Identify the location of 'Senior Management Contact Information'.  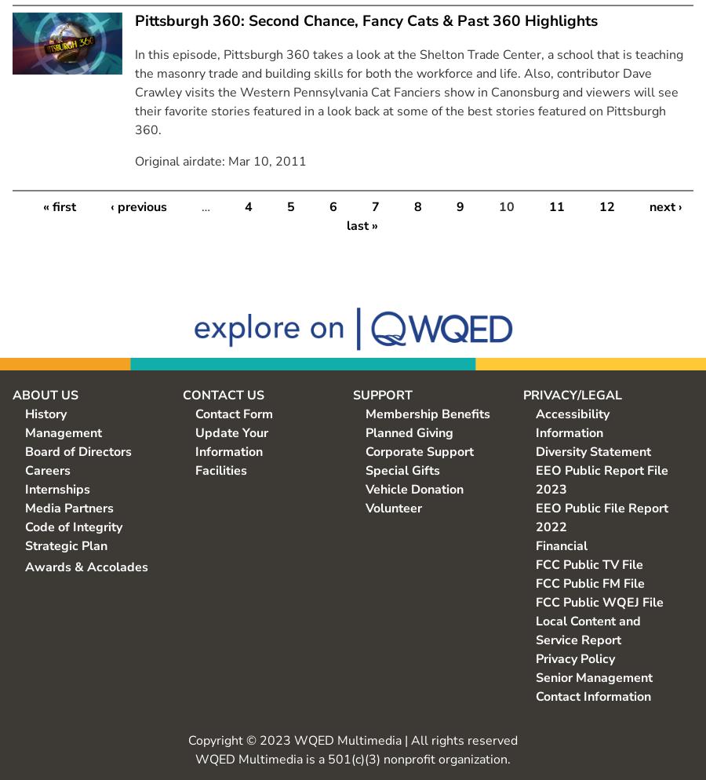
(593, 687).